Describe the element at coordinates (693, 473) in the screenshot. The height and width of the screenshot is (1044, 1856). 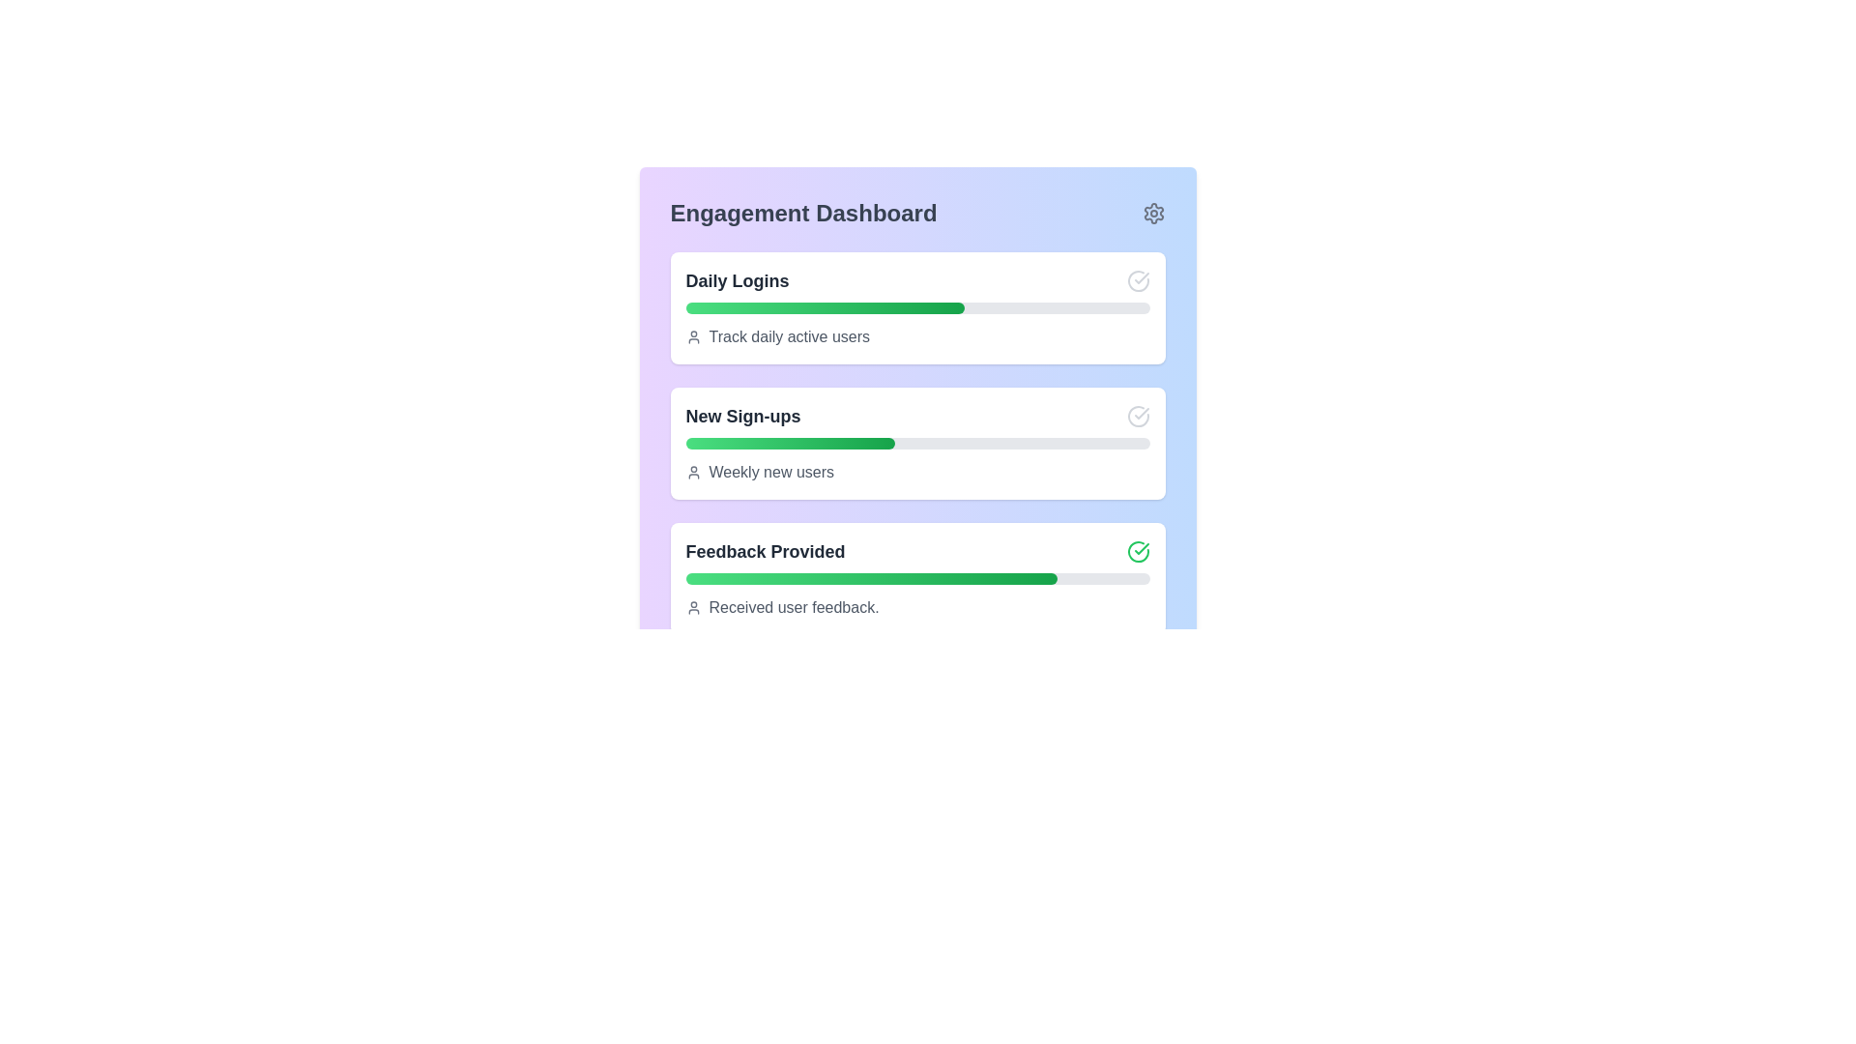
I see `the user icon located to the left of the 'Weekly new users' text within the 'New Sign-ups' card on the dashboard interface to invoke its interactive behavior` at that location.